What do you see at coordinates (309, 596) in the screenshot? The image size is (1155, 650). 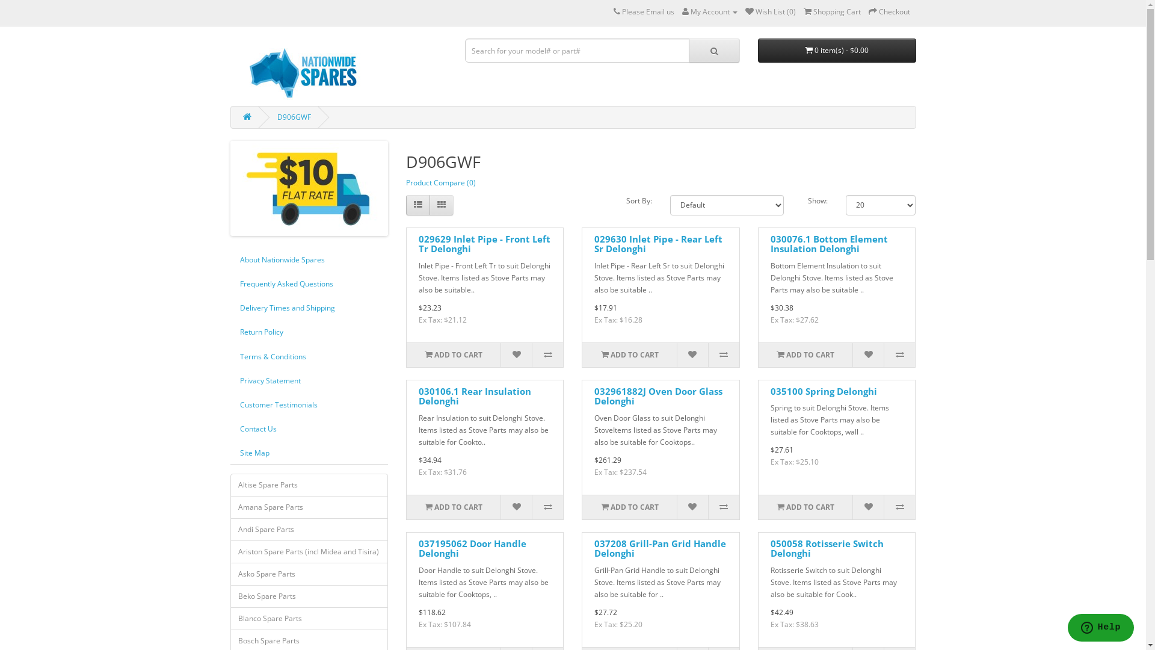 I see `'Beko Spare Parts'` at bounding box center [309, 596].